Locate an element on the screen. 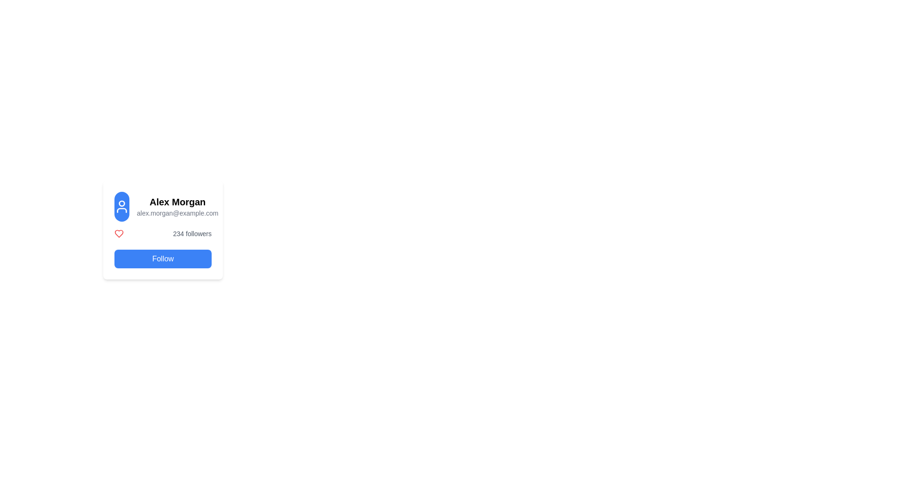  the heart-shaped icon located in the bottom-right section of the user's profile card, positioned below the user's name and email address is located at coordinates (118, 233).